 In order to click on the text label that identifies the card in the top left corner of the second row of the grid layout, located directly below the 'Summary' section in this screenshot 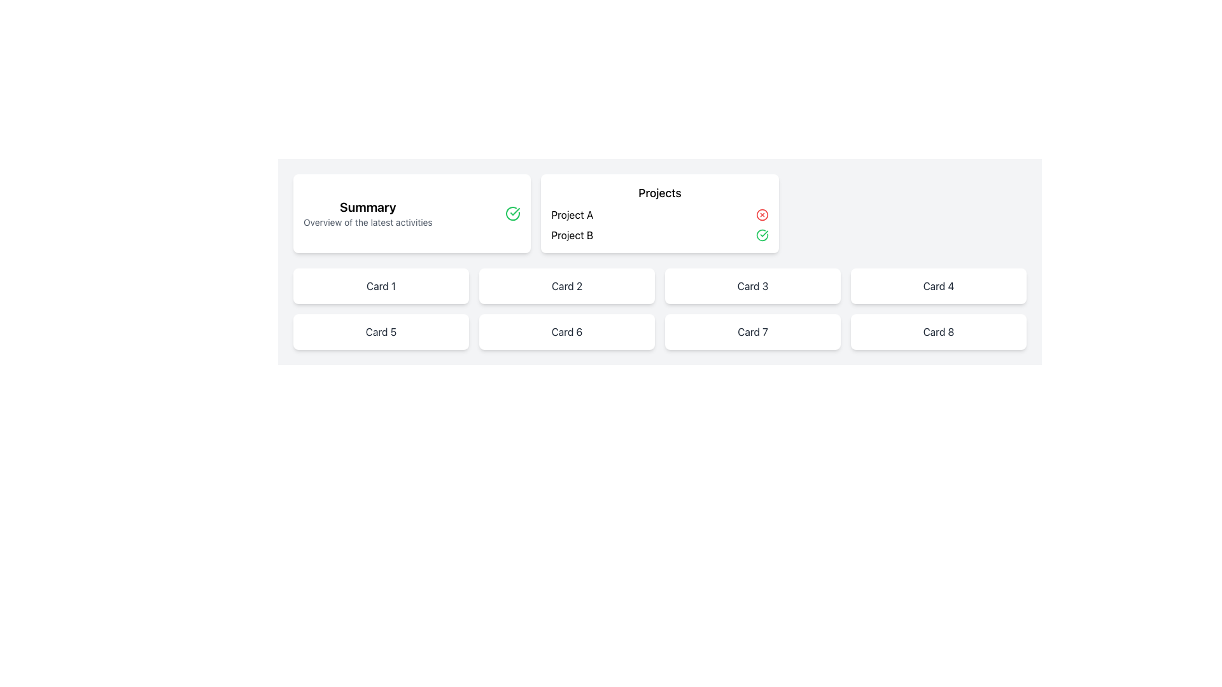, I will do `click(381, 286)`.